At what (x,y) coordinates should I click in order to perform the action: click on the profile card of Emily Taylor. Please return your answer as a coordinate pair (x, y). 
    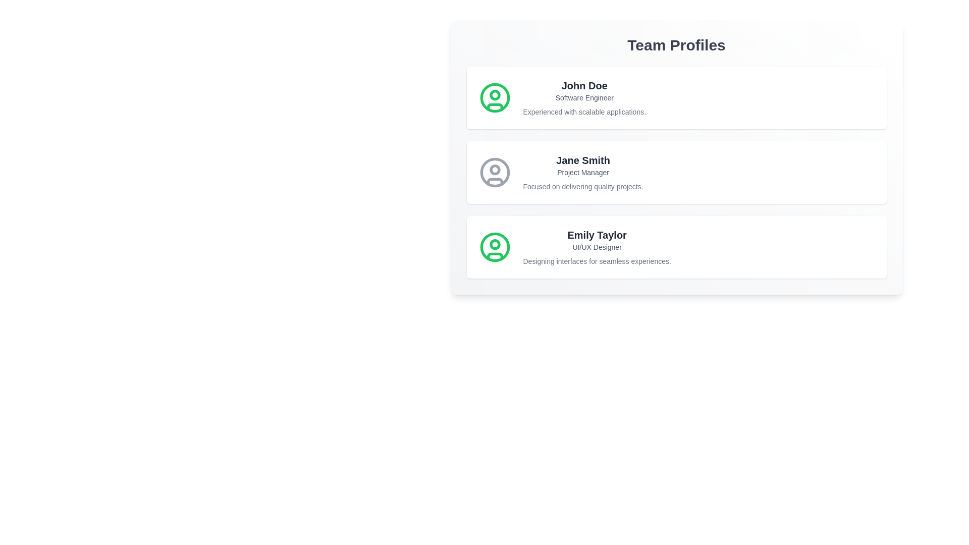
    Looking at the image, I should click on (676, 247).